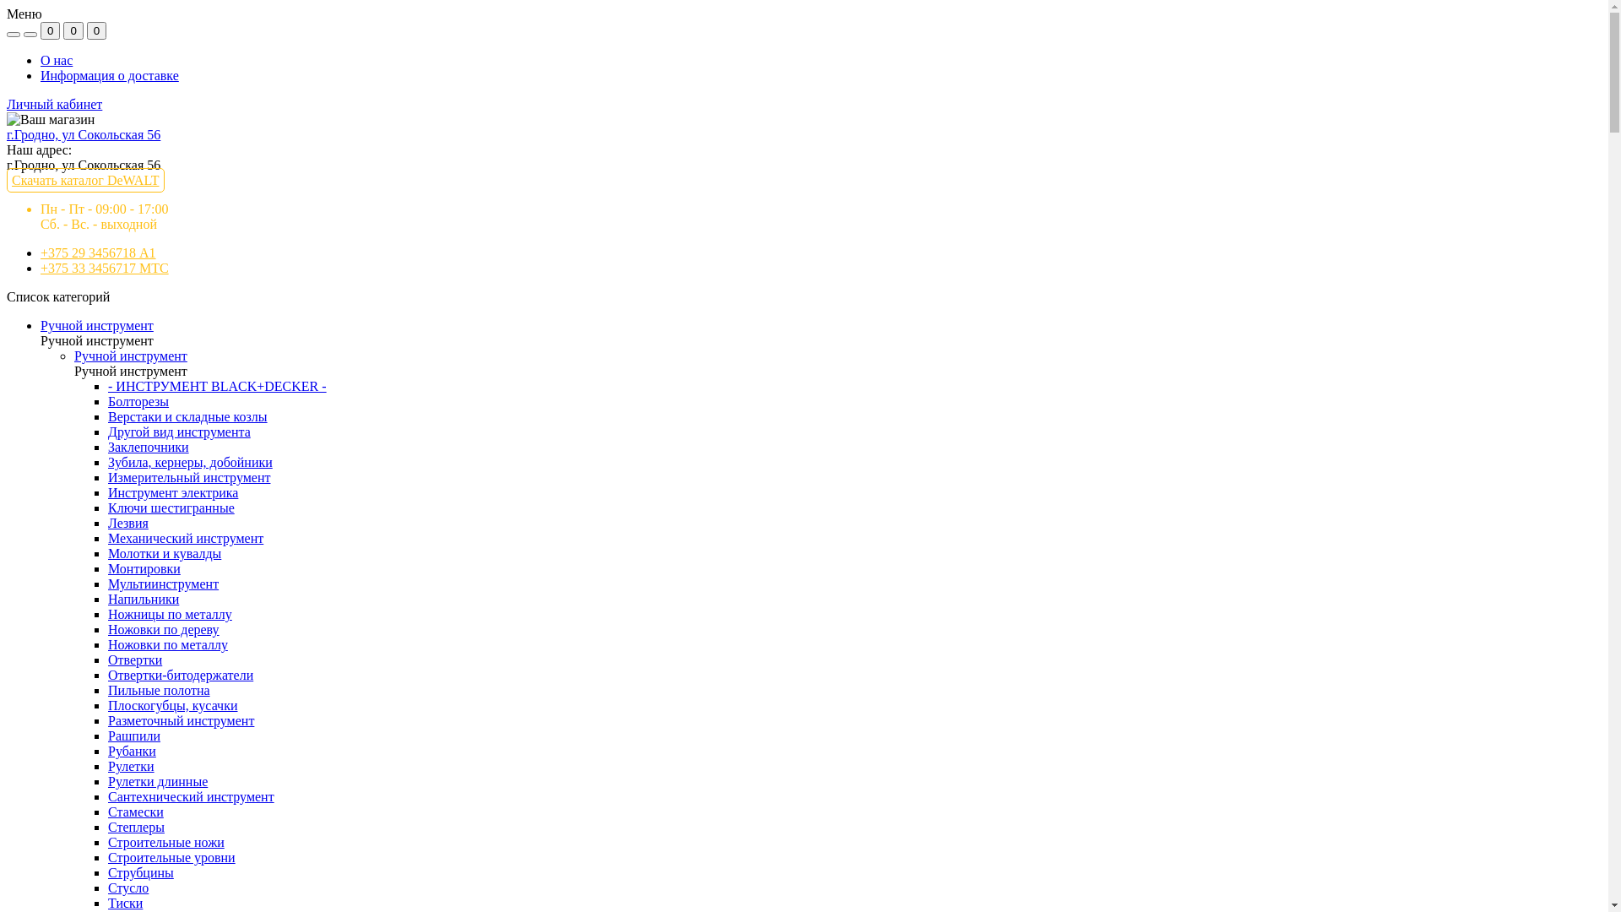 The height and width of the screenshot is (912, 1621). I want to click on '0', so click(95, 30).